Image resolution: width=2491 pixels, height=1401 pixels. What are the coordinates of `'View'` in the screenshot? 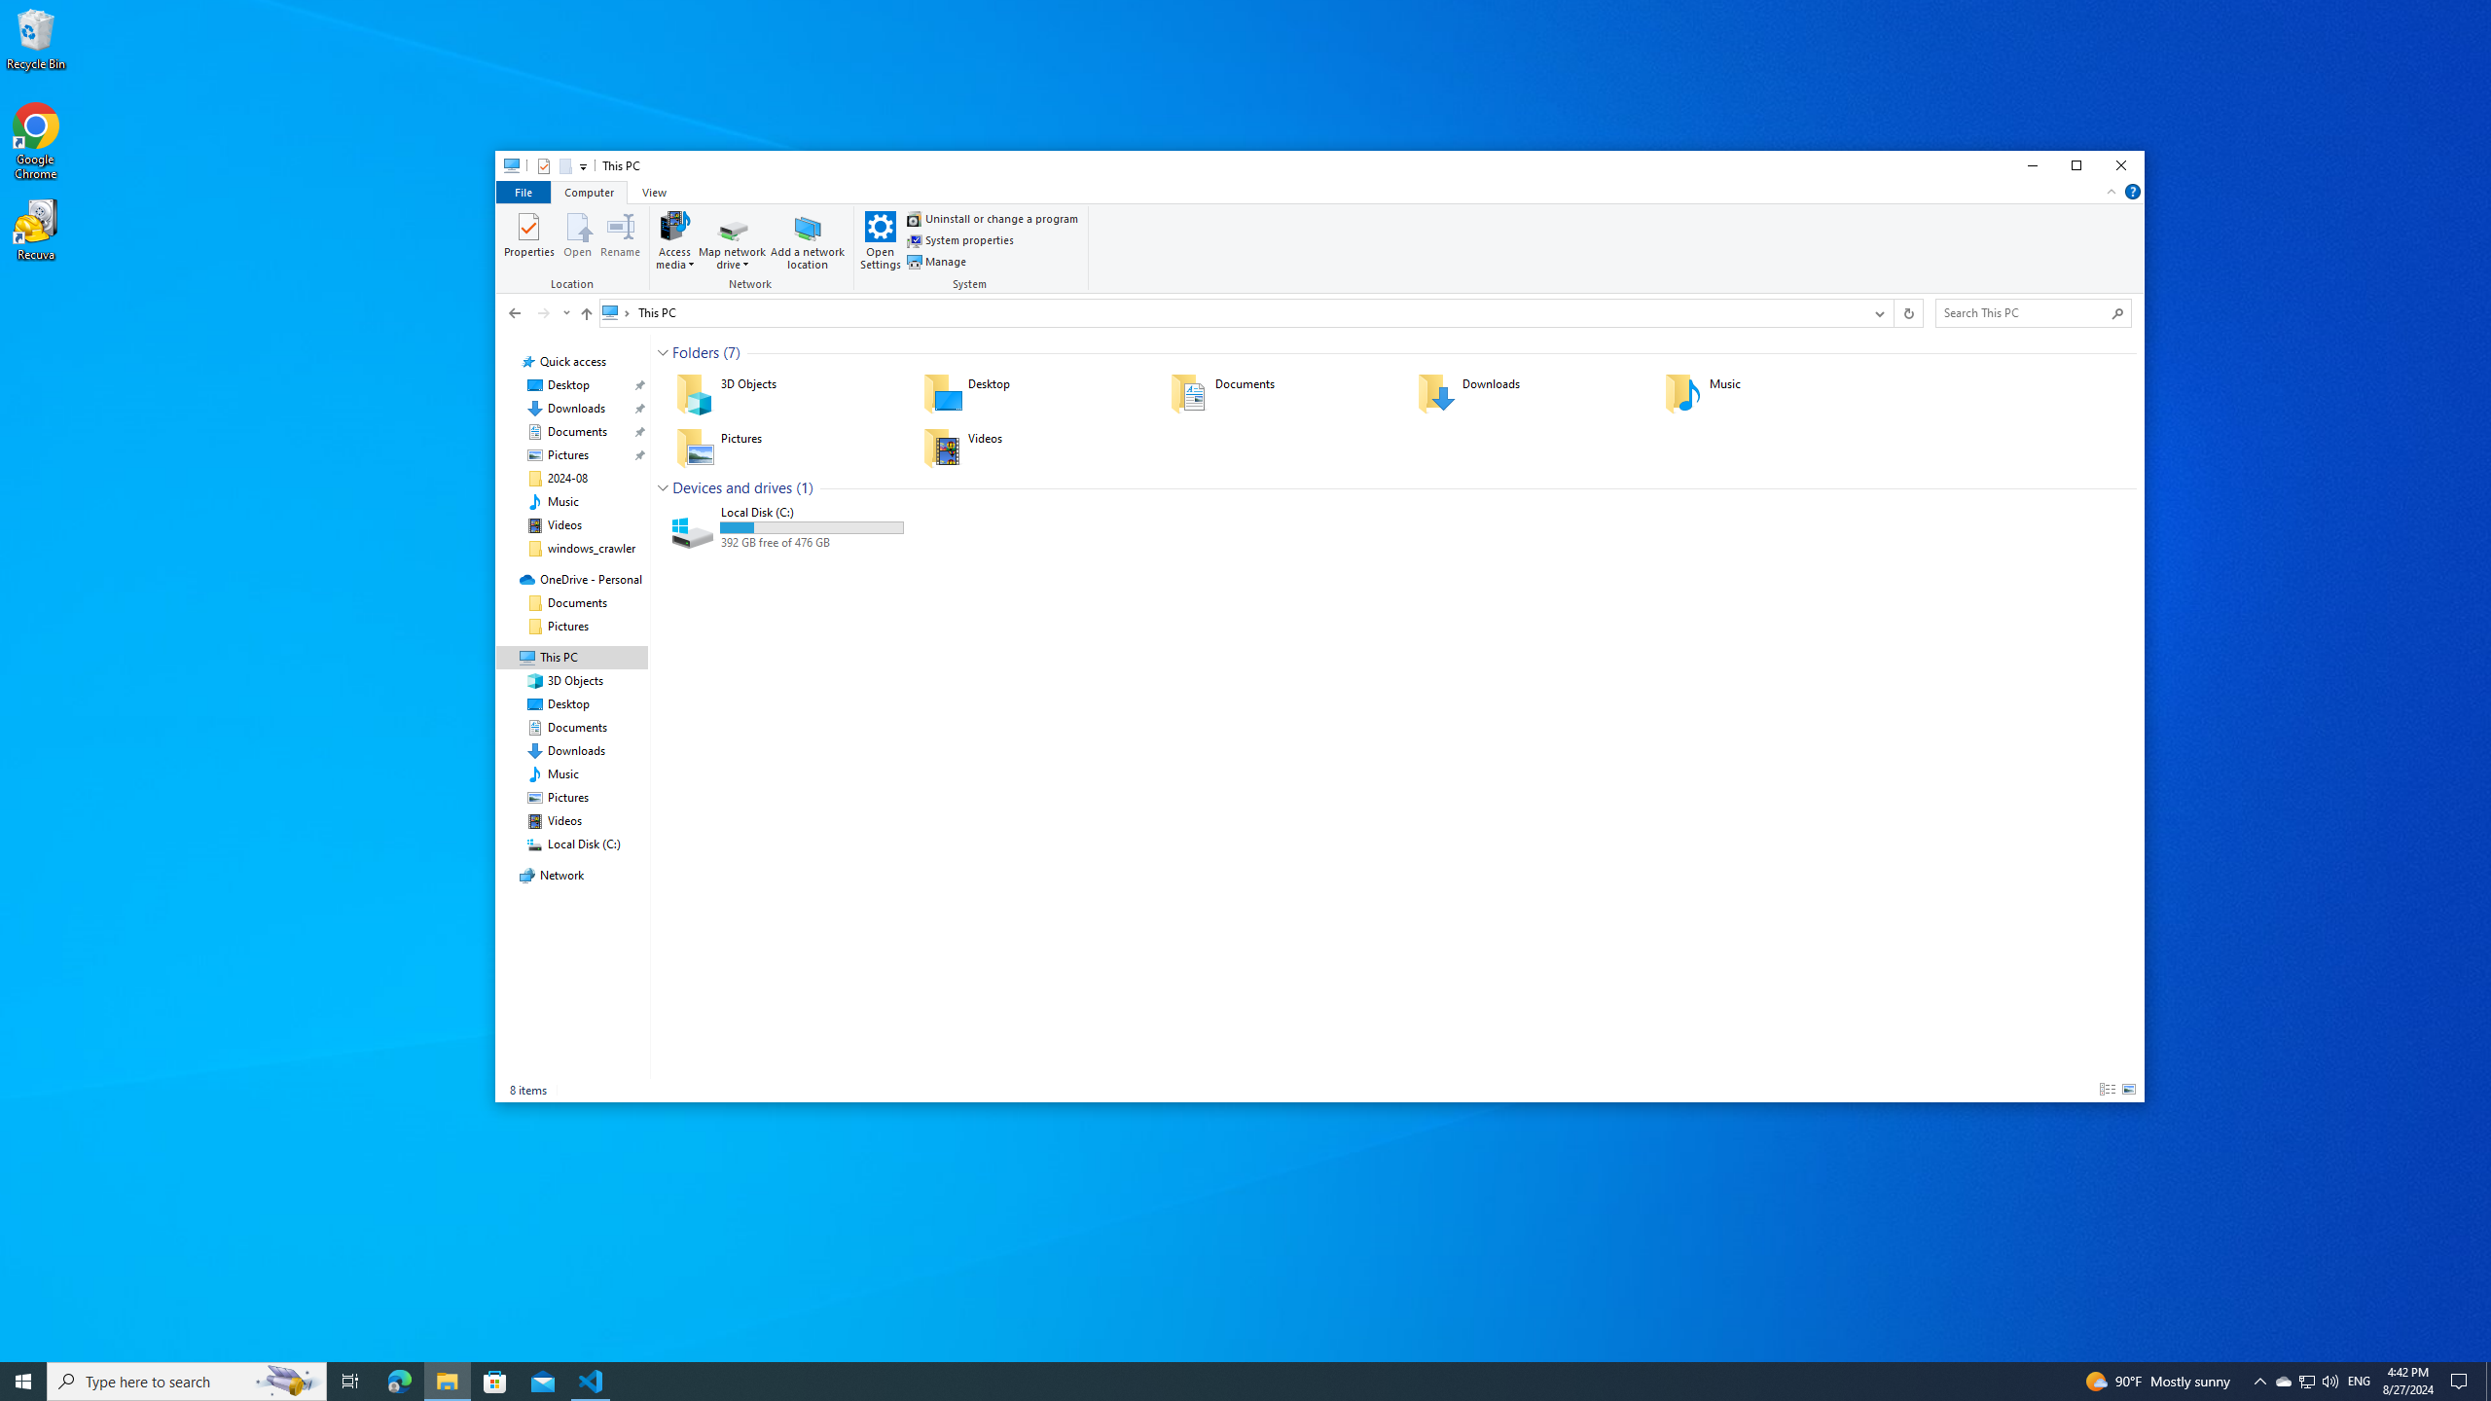 It's located at (654, 191).